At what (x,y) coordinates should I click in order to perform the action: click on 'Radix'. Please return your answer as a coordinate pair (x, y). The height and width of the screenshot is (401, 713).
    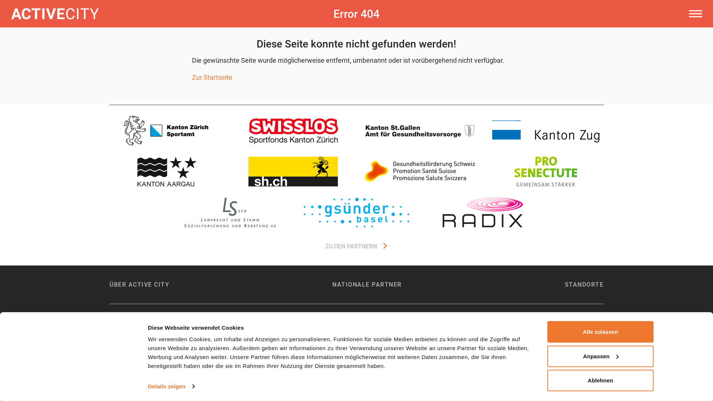
    Looking at the image, I should click on (483, 212).